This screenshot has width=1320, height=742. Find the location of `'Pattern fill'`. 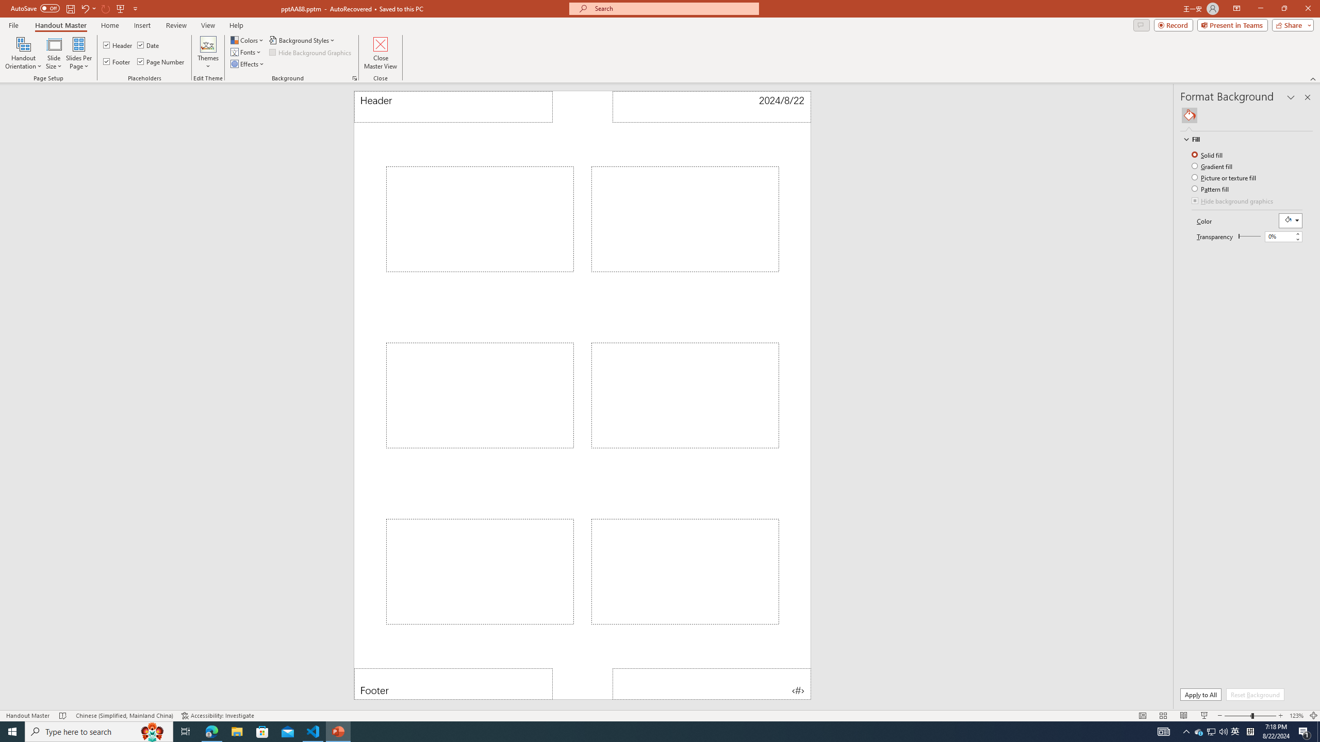

'Pattern fill' is located at coordinates (1211, 188).